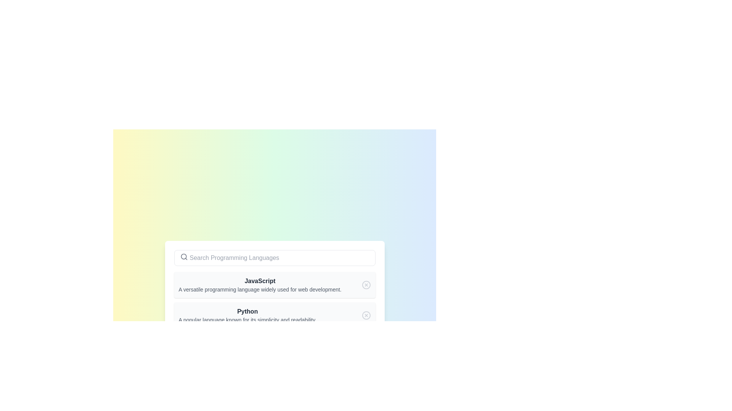  Describe the element at coordinates (260, 289) in the screenshot. I see `text block styled with a gray font that contains the content: 'A versatile programming language widely used for web development.' This text is located beneath the bold header 'JavaScript'` at that location.